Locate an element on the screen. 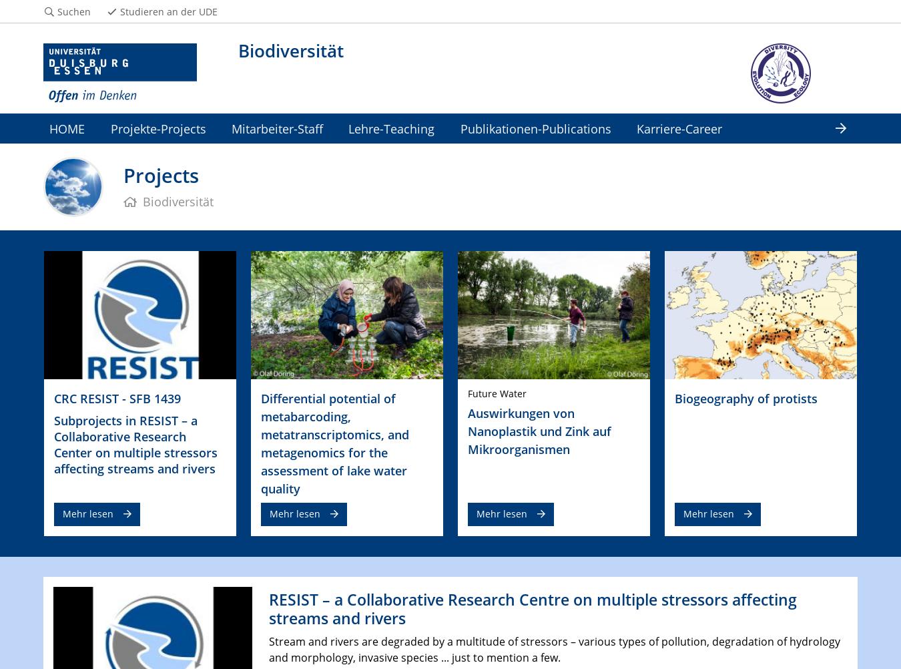 The width and height of the screenshot is (901, 669). 'Suchen' is located at coordinates (73, 11).